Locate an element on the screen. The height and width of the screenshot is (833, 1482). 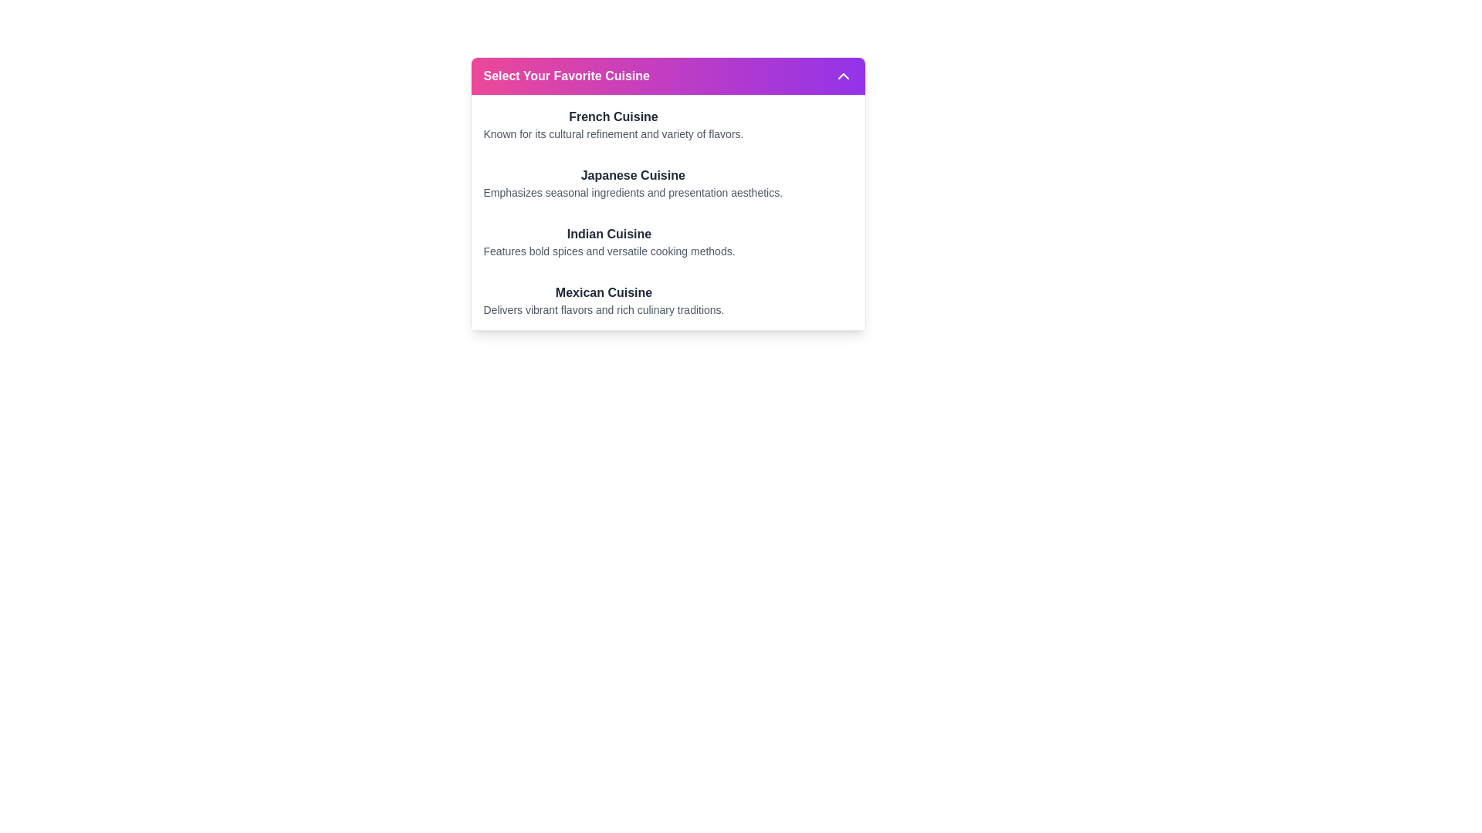
the descriptive label 'French Cuisine' which is the first entry in the selection menu under the purple header 'Select Your Favorite Cuisine' is located at coordinates (612, 124).